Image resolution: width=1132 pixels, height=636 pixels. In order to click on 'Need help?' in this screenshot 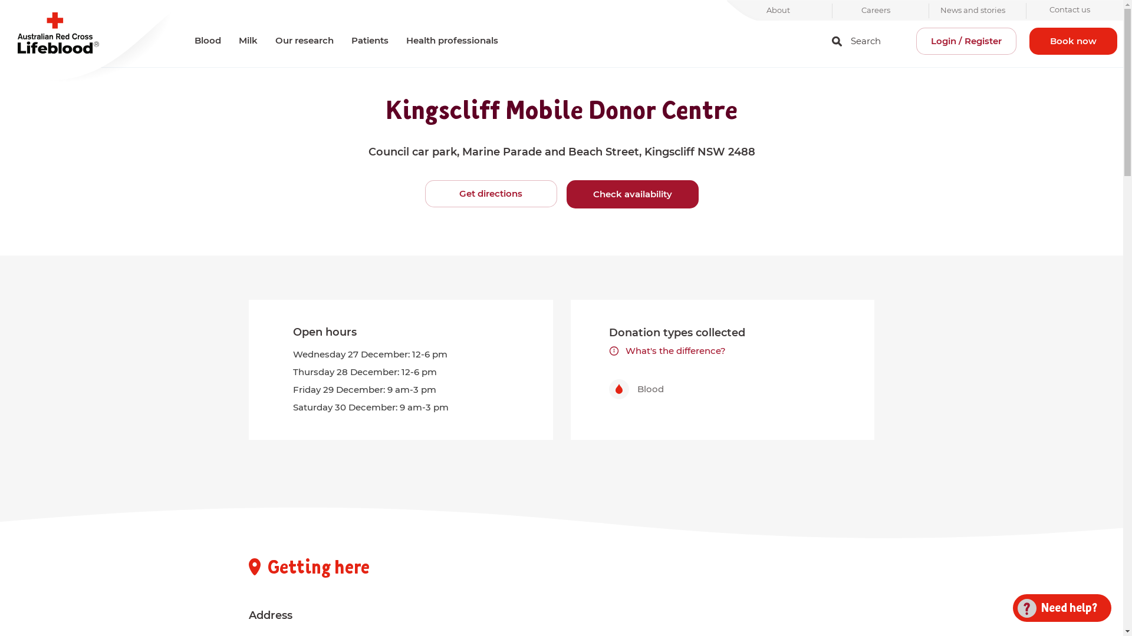, I will do `click(1057, 608)`.